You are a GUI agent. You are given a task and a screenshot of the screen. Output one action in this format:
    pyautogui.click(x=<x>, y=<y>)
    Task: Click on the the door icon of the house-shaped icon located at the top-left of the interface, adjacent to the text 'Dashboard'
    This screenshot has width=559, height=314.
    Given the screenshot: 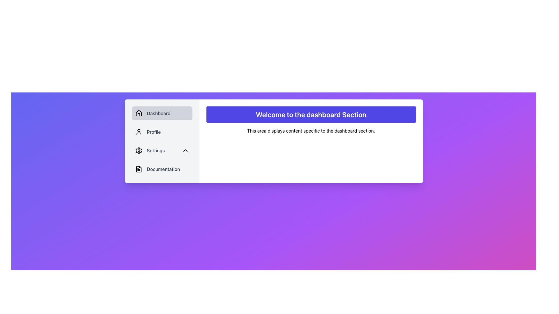 What is the action you would take?
    pyautogui.click(x=138, y=115)
    